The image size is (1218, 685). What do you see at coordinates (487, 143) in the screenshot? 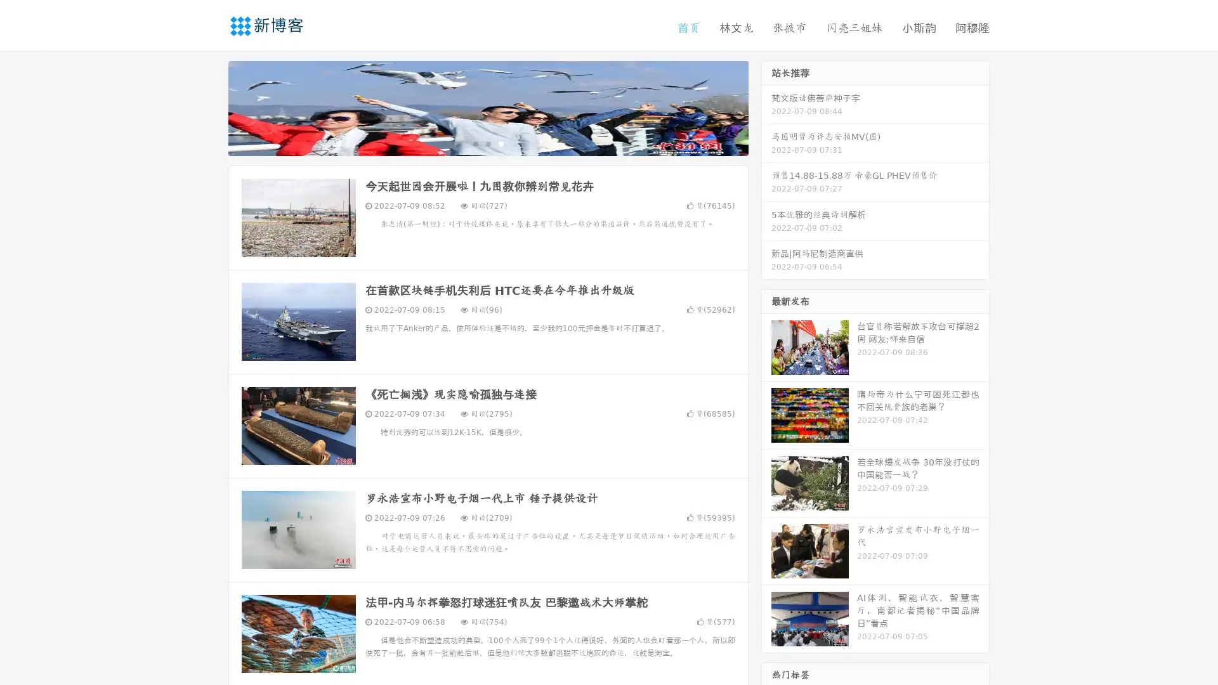
I see `Go to slide 2` at bounding box center [487, 143].